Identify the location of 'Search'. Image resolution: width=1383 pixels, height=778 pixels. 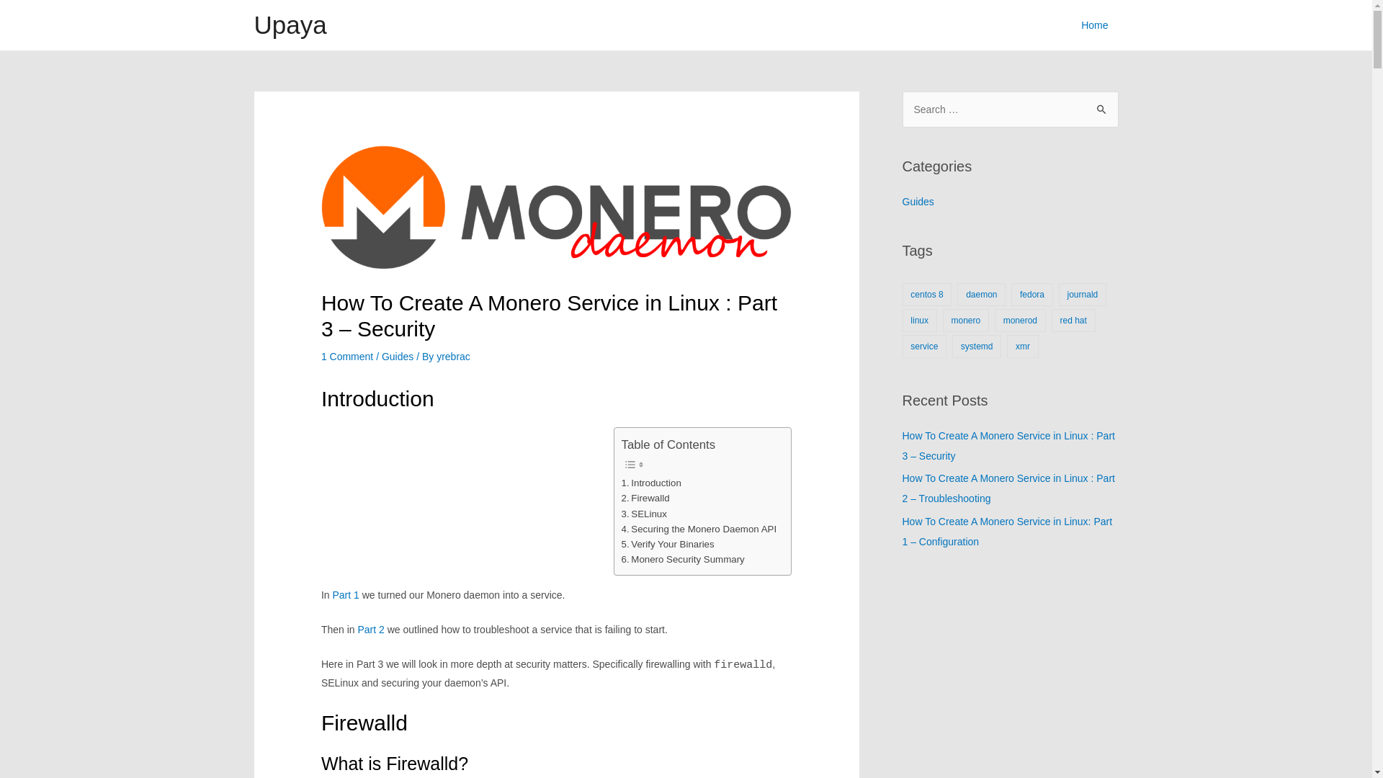
(1101, 104).